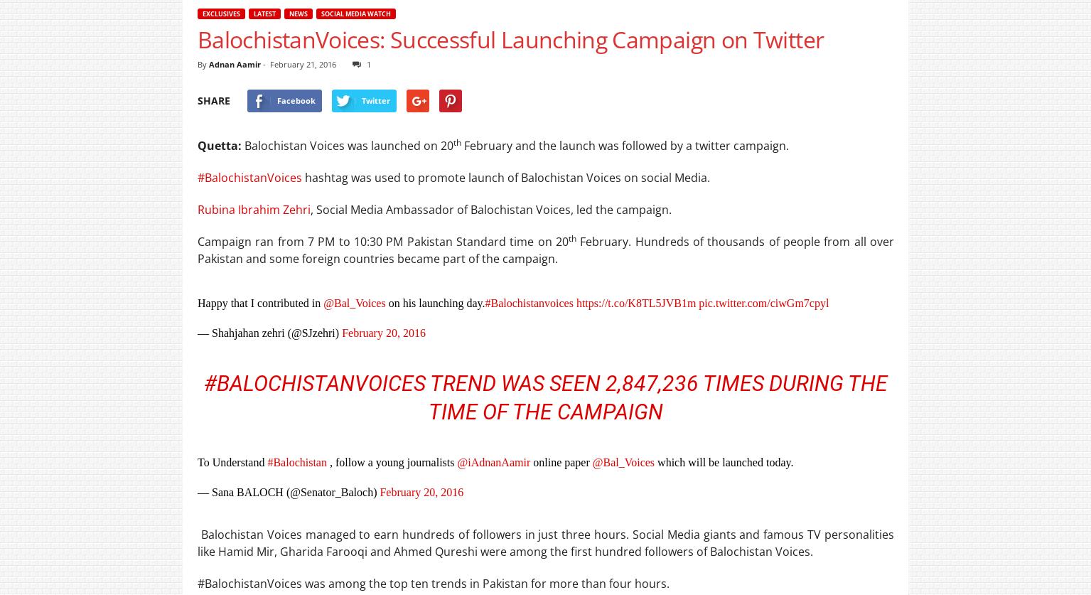 The width and height of the screenshot is (1091, 595). What do you see at coordinates (391, 462) in the screenshot?
I see `', follow a young journalists'` at bounding box center [391, 462].